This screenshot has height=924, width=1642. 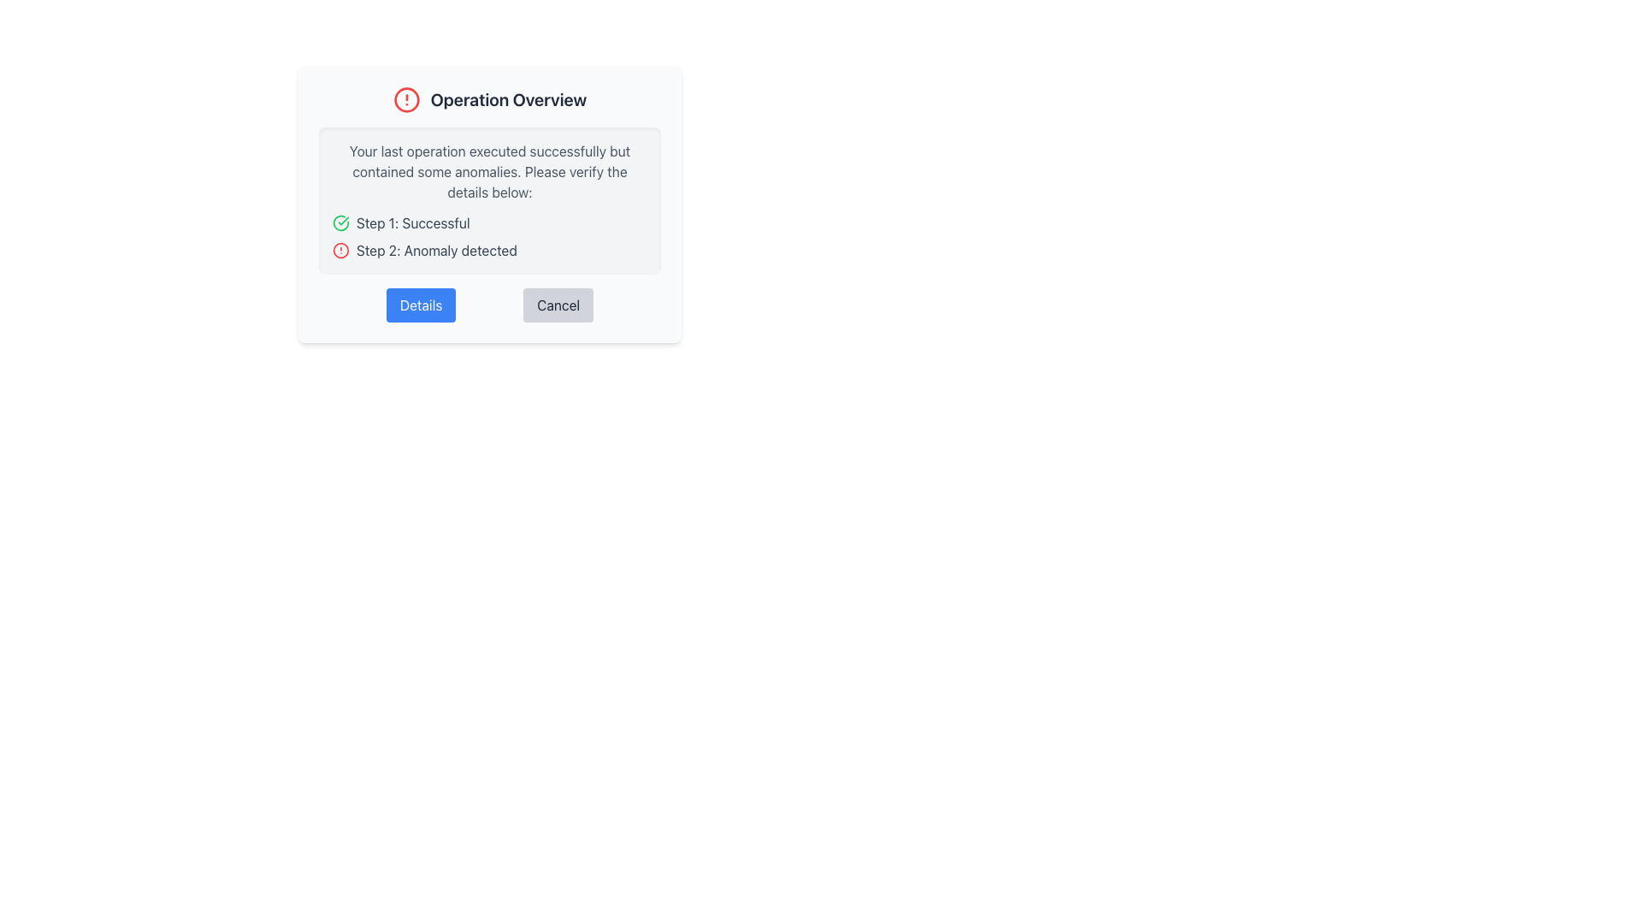 I want to click on the 'Operation Overview' text label of the red alert icon at the top of the modal section, if it is interactive, so click(x=488, y=99).